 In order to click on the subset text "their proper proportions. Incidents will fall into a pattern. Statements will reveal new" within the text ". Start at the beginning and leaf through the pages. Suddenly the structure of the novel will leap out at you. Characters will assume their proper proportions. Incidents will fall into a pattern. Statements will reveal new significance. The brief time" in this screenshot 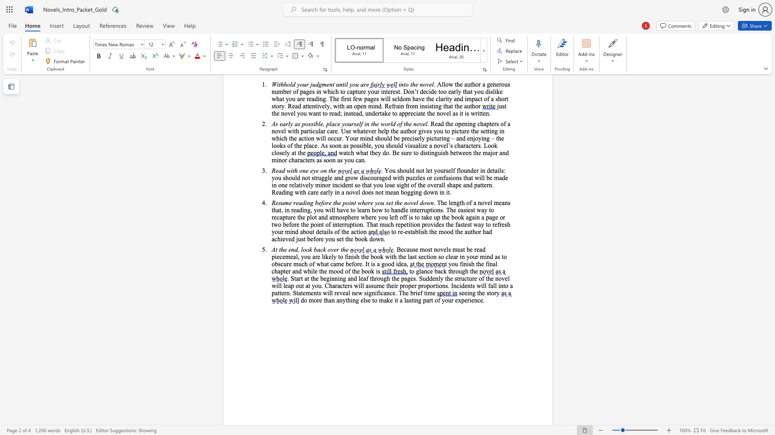, I will do `click(385, 285)`.